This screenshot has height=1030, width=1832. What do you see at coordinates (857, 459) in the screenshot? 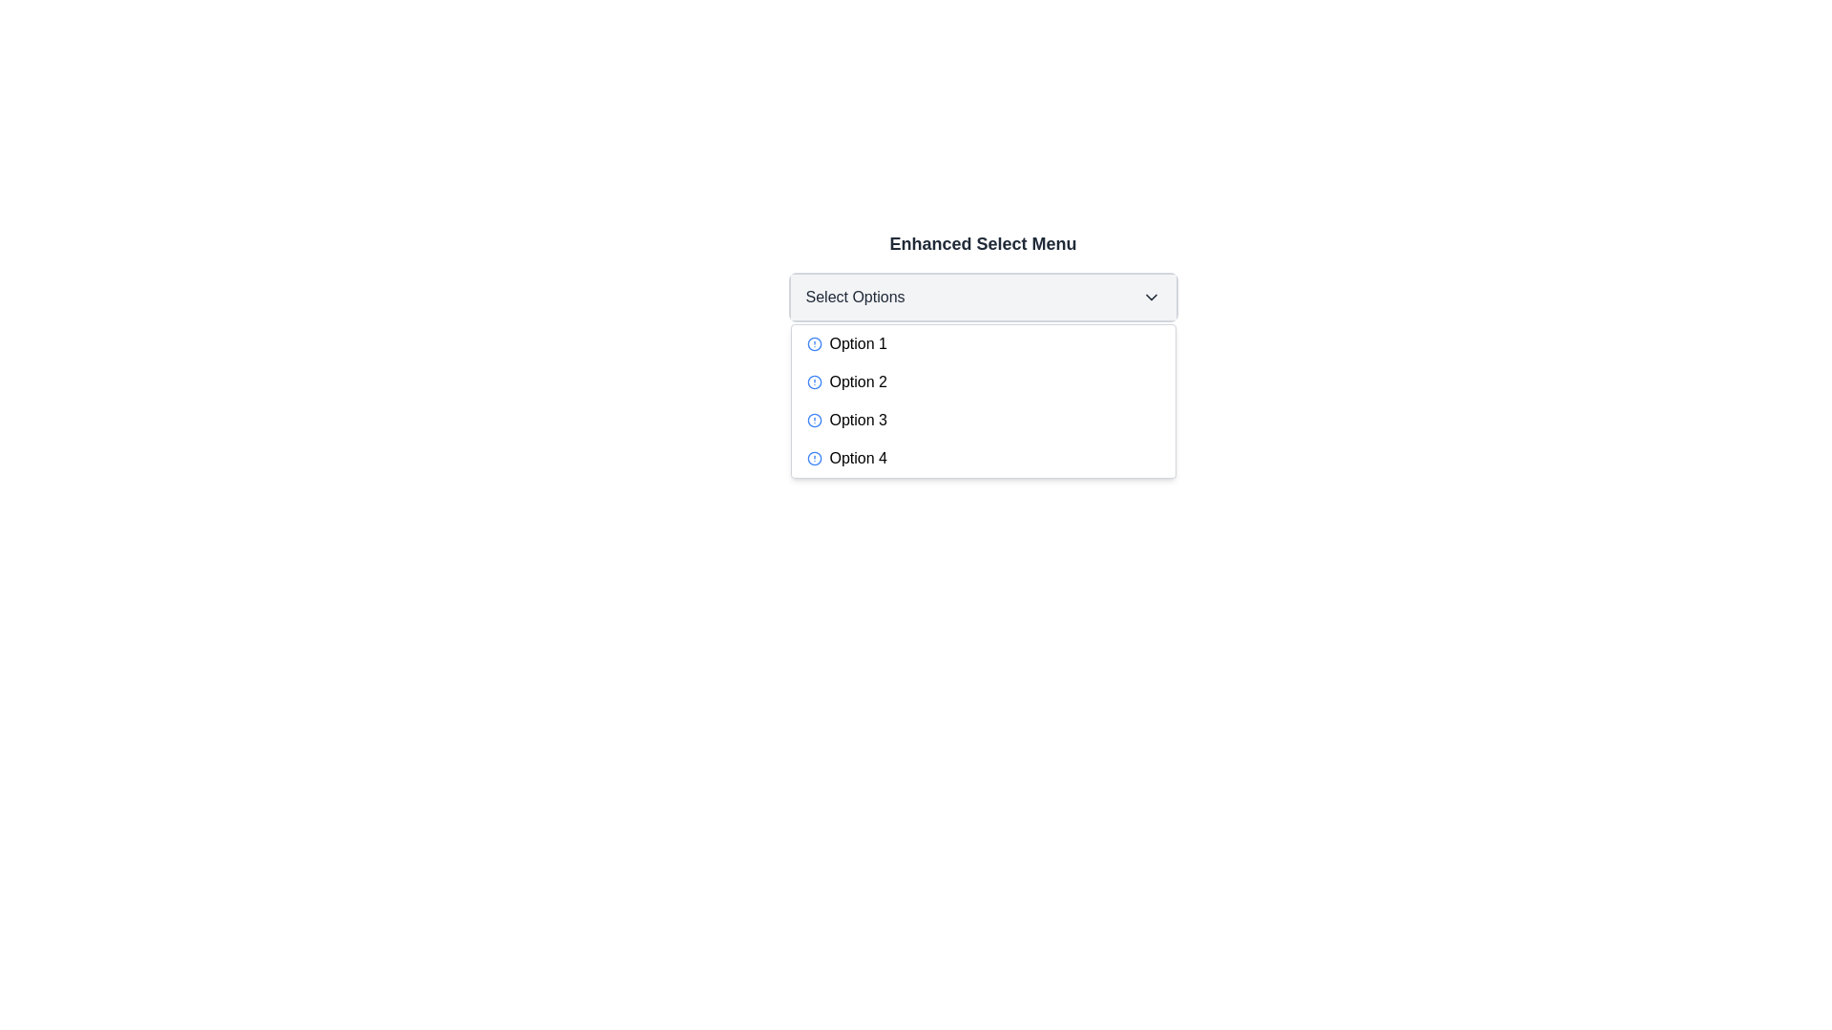
I see `to select the fourth option in the dropdown menu, located directly below 'Option 3'` at bounding box center [857, 459].